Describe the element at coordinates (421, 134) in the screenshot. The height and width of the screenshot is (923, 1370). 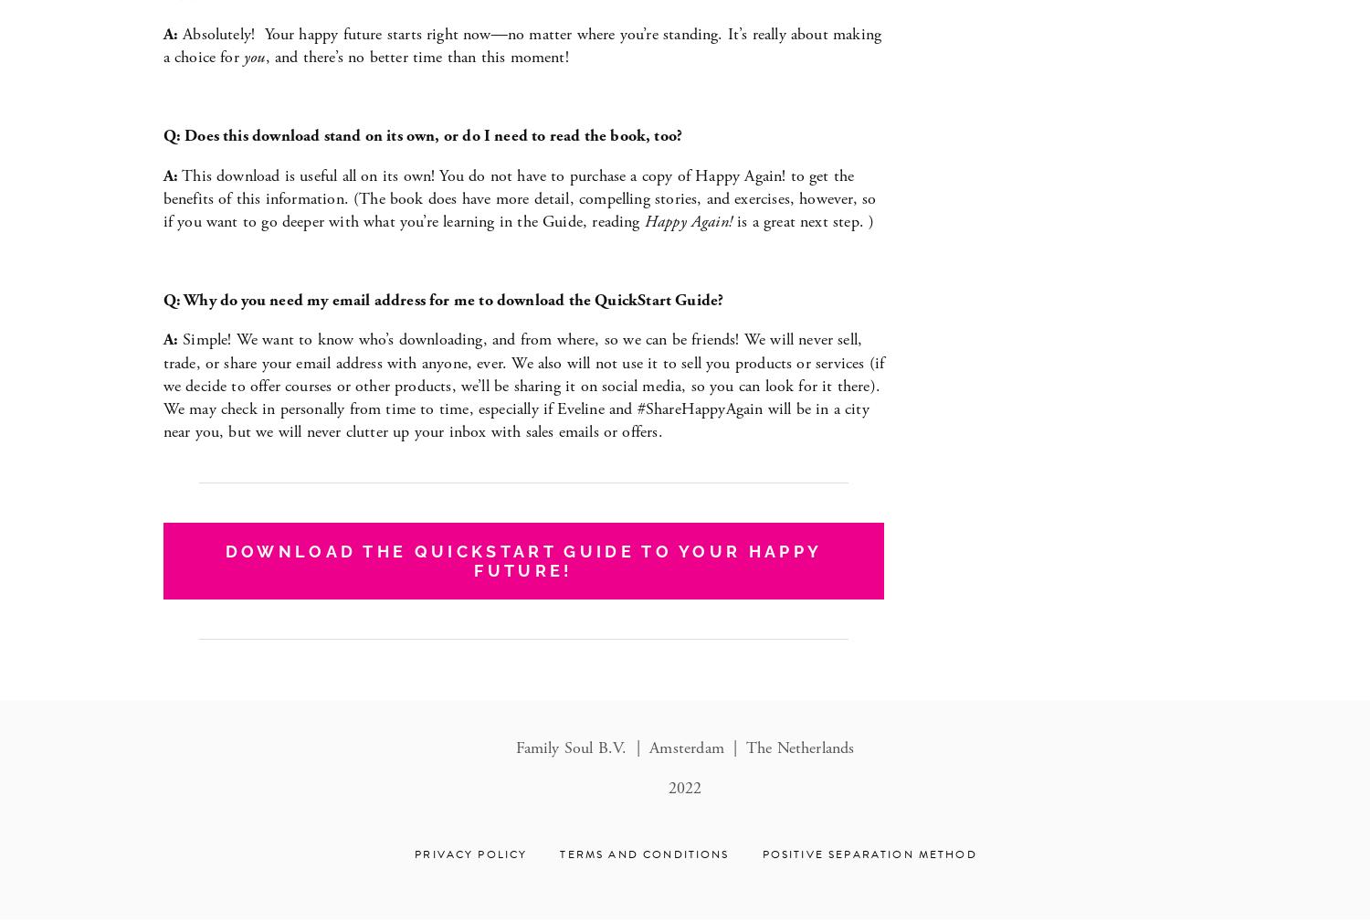
I see `'Q: Does this download stand on its own, or do I need to read the book, too?'` at that location.